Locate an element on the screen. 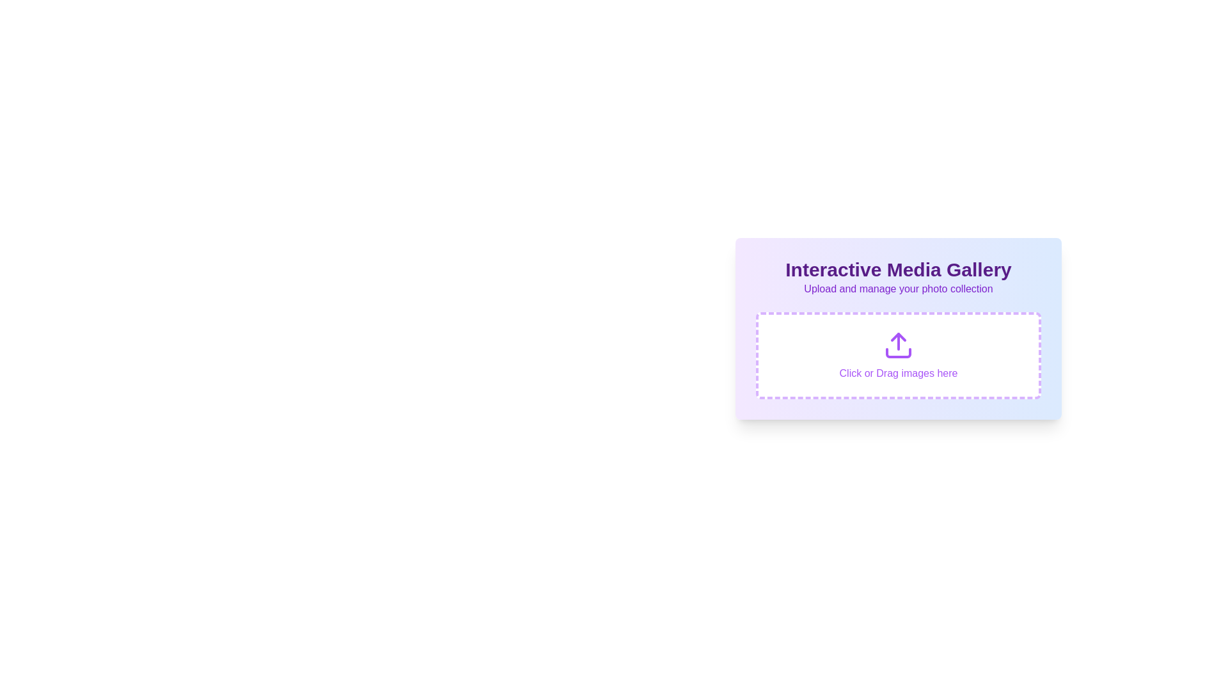 The height and width of the screenshot is (691, 1228). the text element styled in purple (#700) that reads 'Upload and manage your photo collection.' positioned below the larger title 'Interactive Media Gallery.' is located at coordinates (898, 289).